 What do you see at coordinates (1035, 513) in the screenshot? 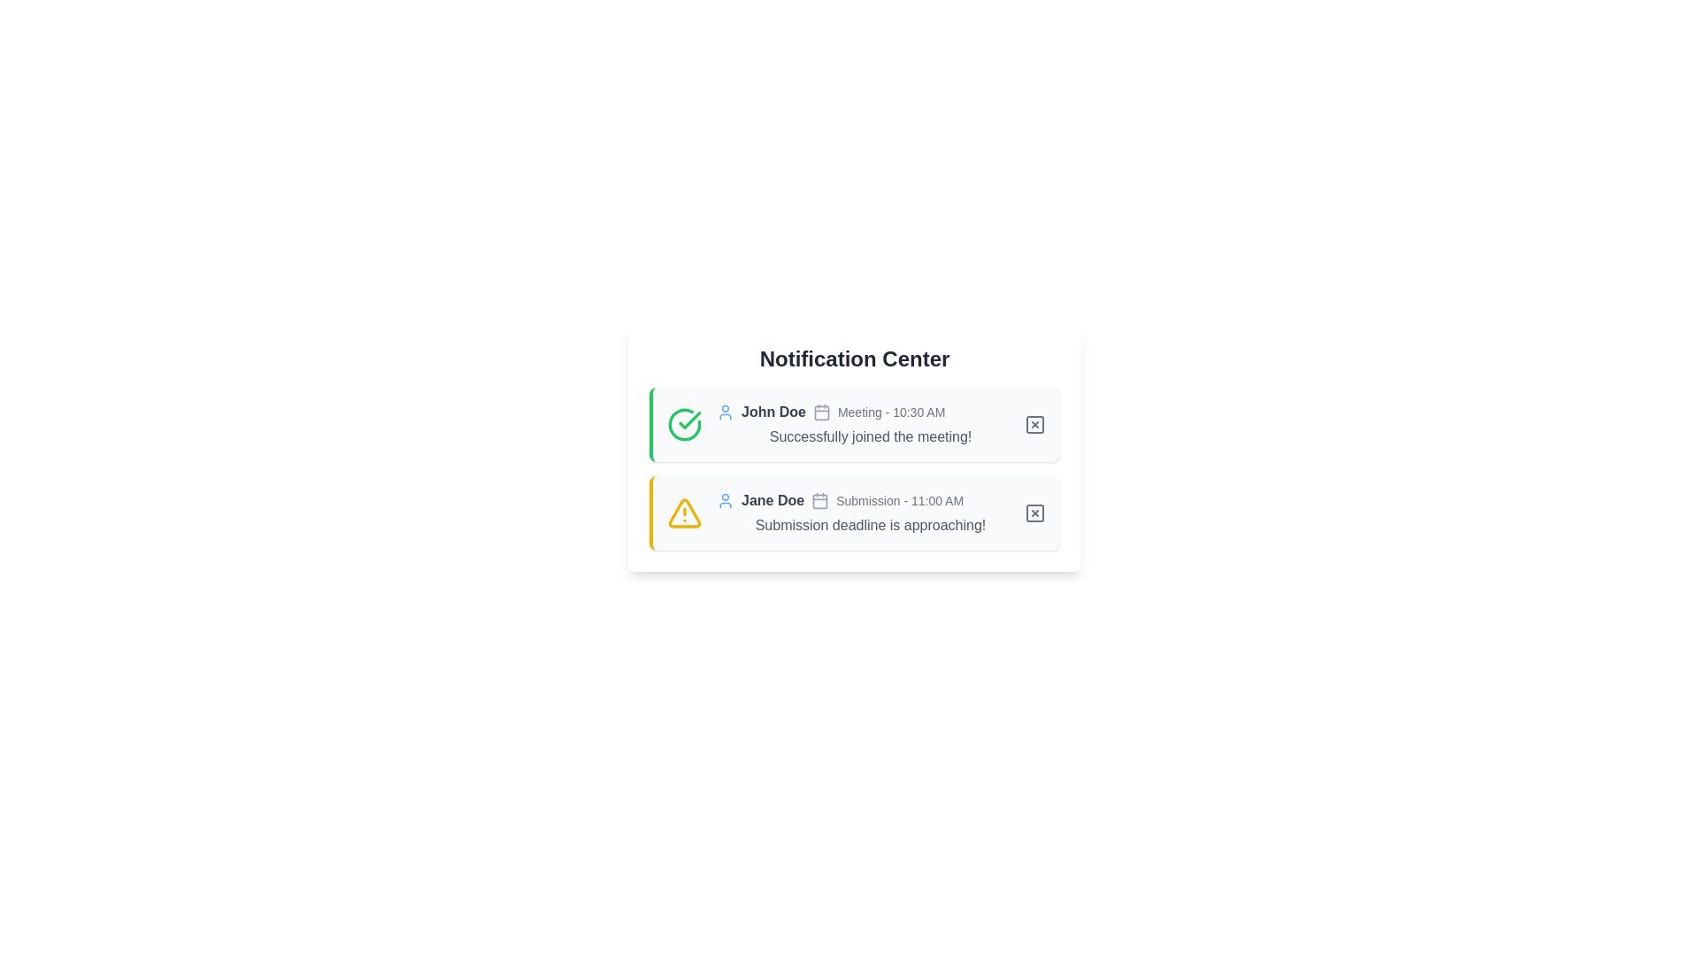
I see `the SVG Rectangle representing the closure or deletion action within the notification panel's icon, located at the far-right end of the second notification entry` at bounding box center [1035, 513].